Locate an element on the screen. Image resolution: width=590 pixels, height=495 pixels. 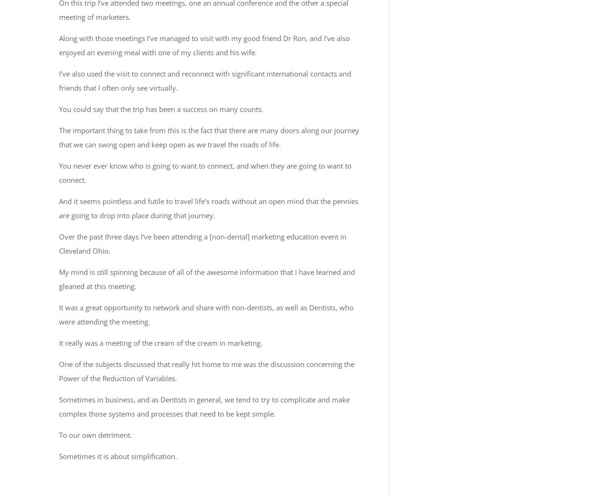
'My mind is still spinning because of all of the awesome information that I have learned and gleaned at this meeting.' is located at coordinates (59, 279).